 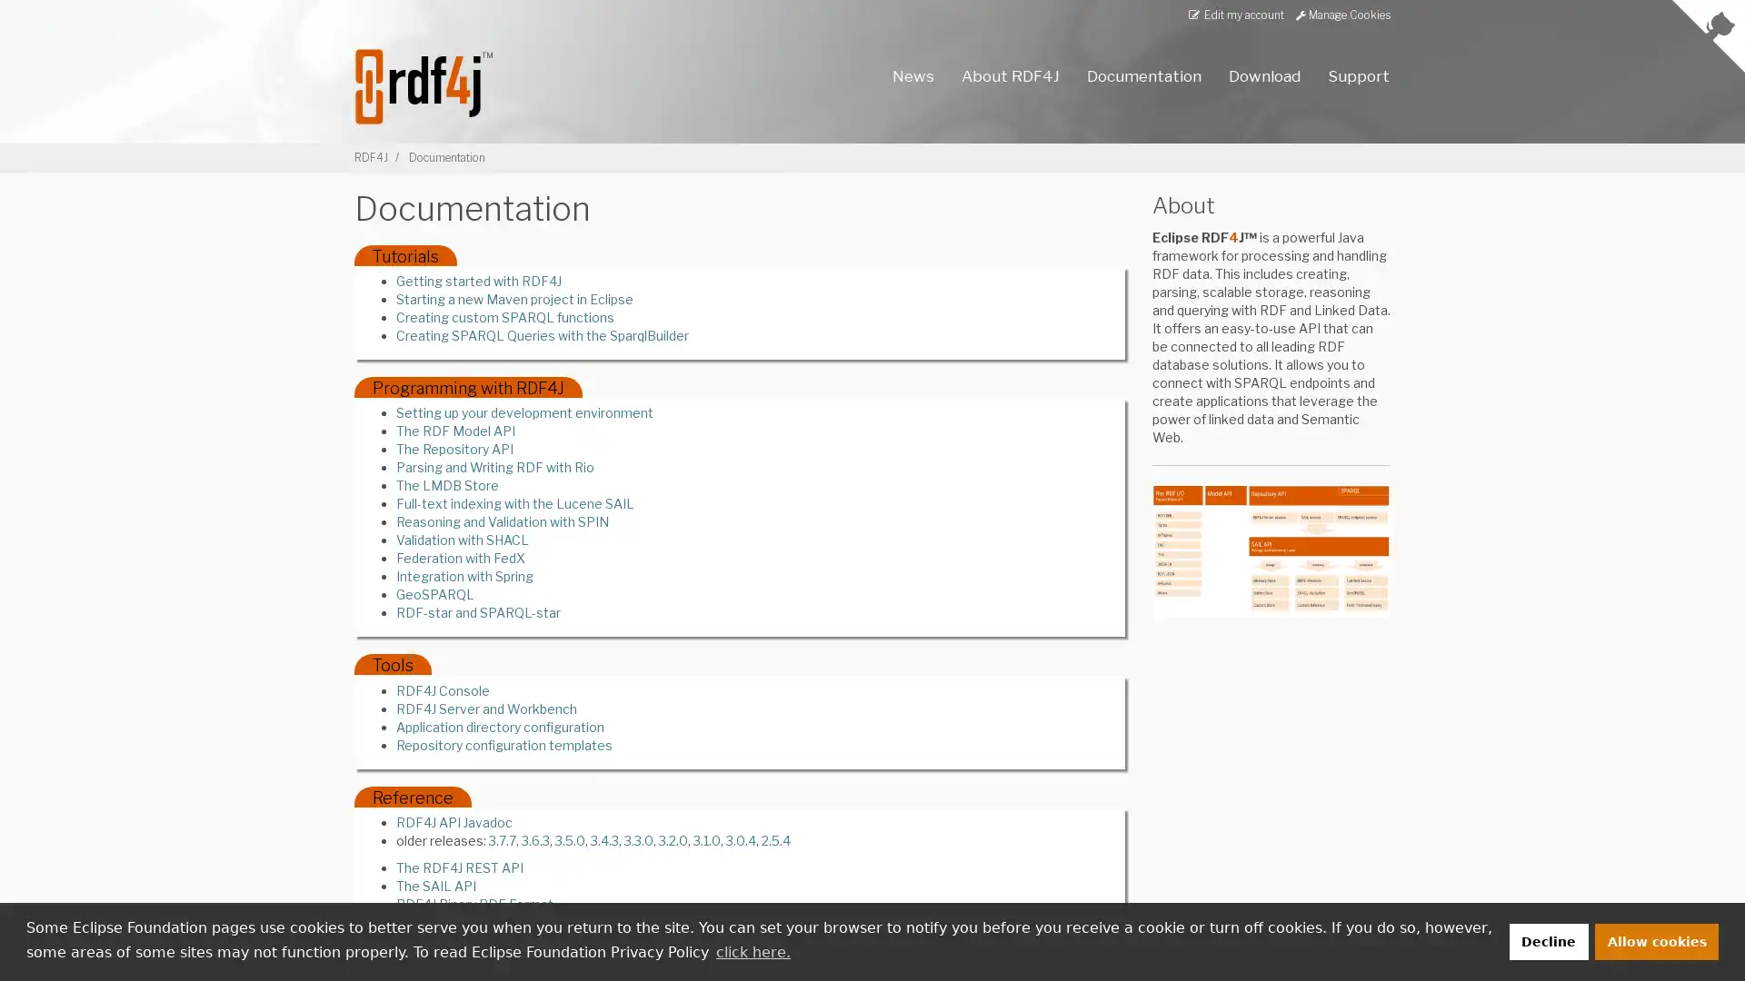 I want to click on deny cookies, so click(x=1547, y=940).